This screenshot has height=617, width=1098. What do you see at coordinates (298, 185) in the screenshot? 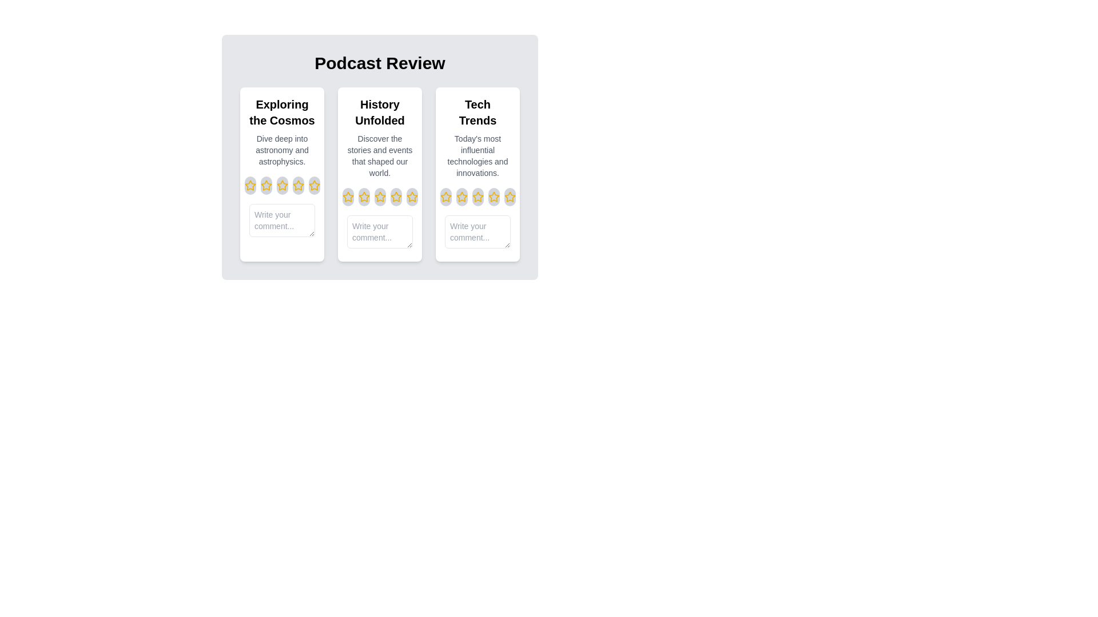
I see `the rating for an episode to 4 stars by clicking on the corresponding star` at bounding box center [298, 185].